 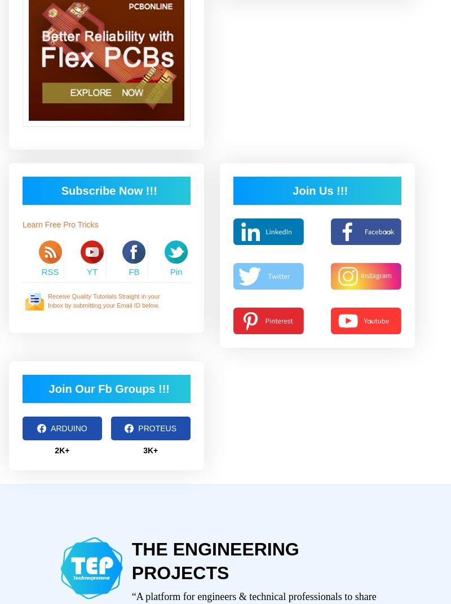 What do you see at coordinates (50, 271) in the screenshot?
I see `'RSS'` at bounding box center [50, 271].